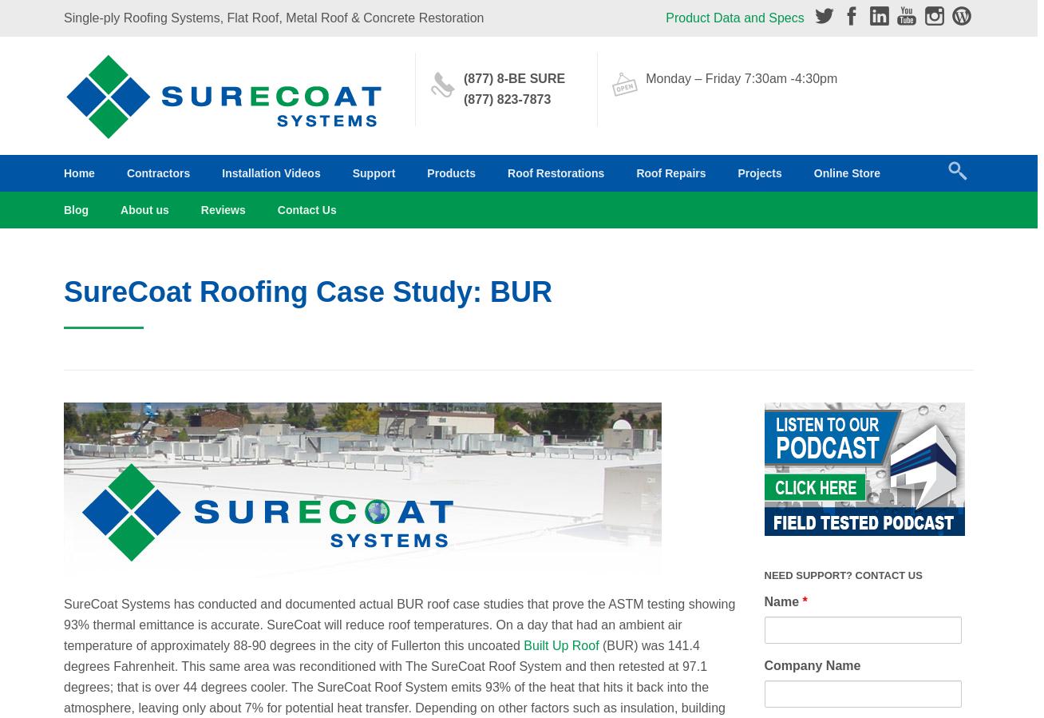 The width and height of the screenshot is (1044, 718). I want to click on 'Built Up Roof', so click(561, 645).